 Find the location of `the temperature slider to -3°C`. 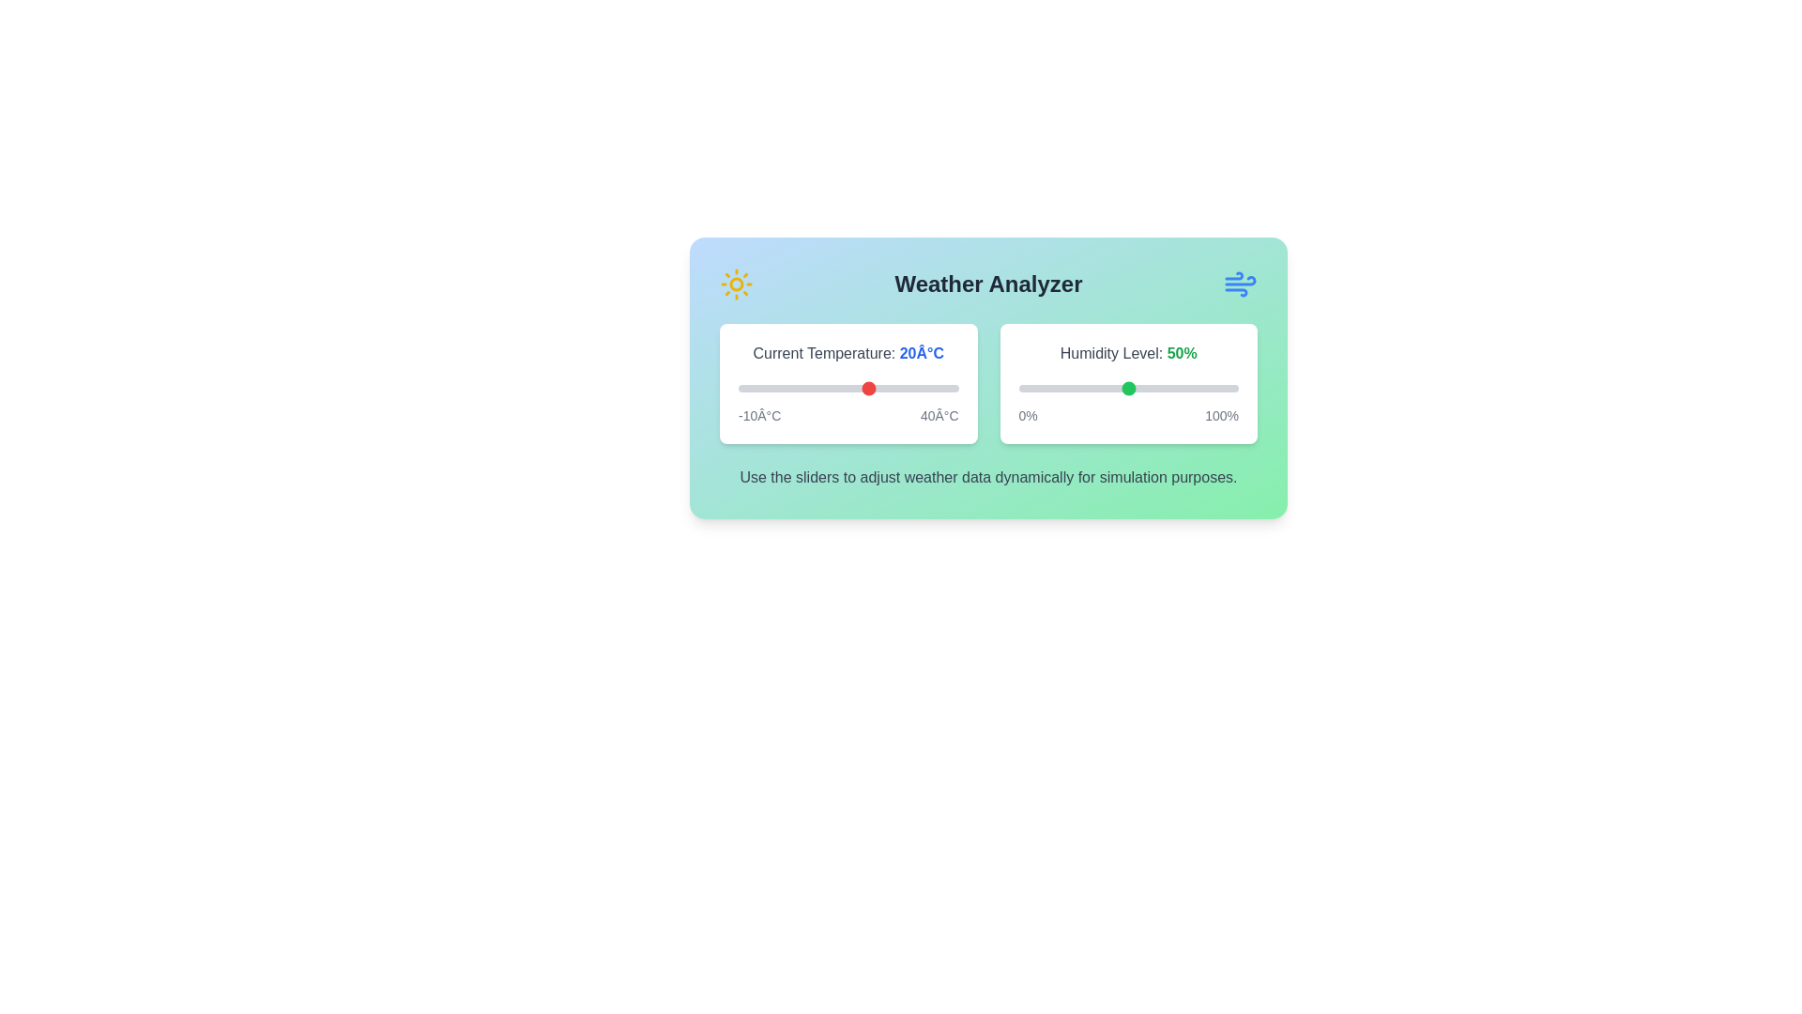

the temperature slider to -3°C is located at coordinates (769, 387).